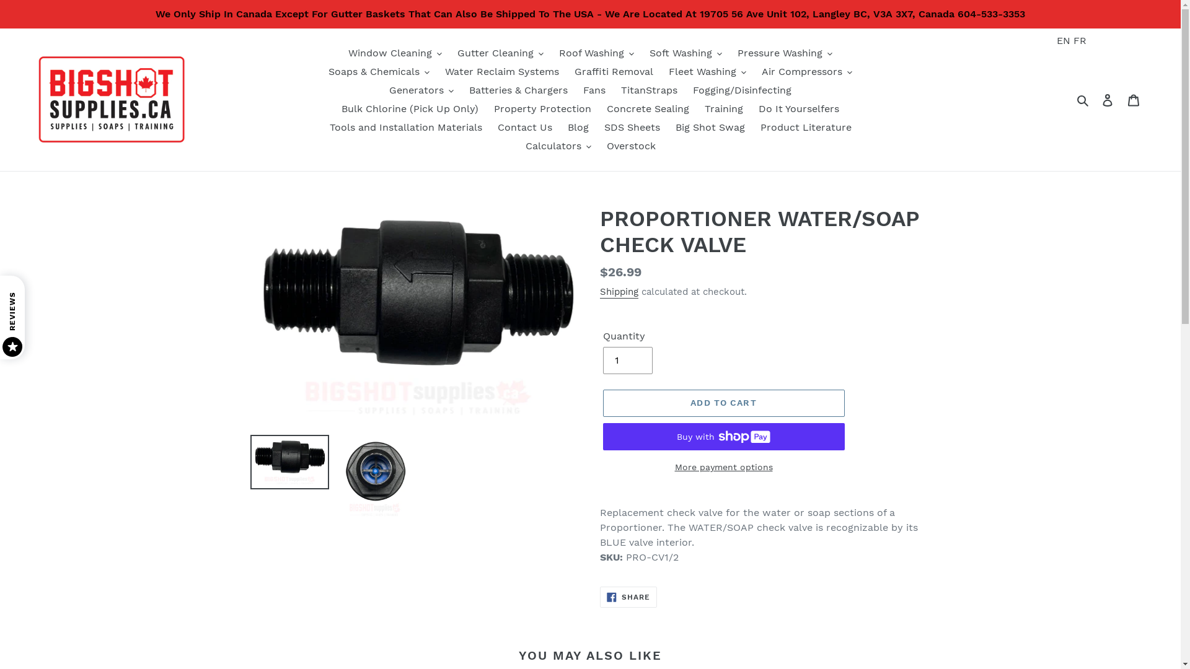 This screenshot has width=1190, height=669. Describe the element at coordinates (685, 52) in the screenshot. I see `'Soft Washing'` at that location.